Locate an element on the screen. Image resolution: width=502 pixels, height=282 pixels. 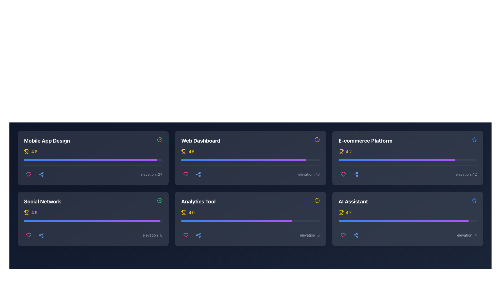
text label that serves as the title for the second card in the horizontal list of cards, positioned at the top-left section of the card is located at coordinates (201, 140).